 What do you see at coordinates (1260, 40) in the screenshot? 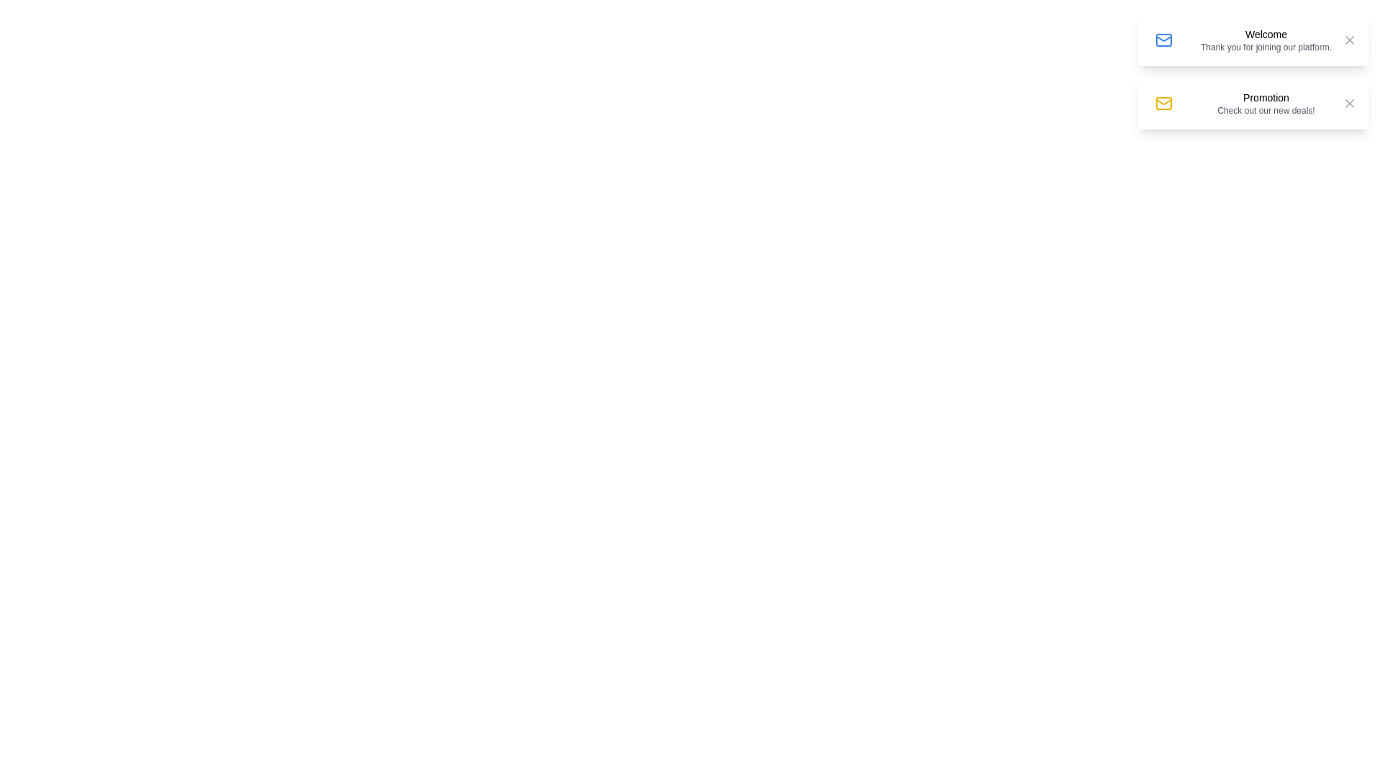
I see `text block element that displays 'Welcome' in bold at the top center and 'Thank you for joining our platform.' below it, located in the notification popup at the top right of the interface` at bounding box center [1260, 40].